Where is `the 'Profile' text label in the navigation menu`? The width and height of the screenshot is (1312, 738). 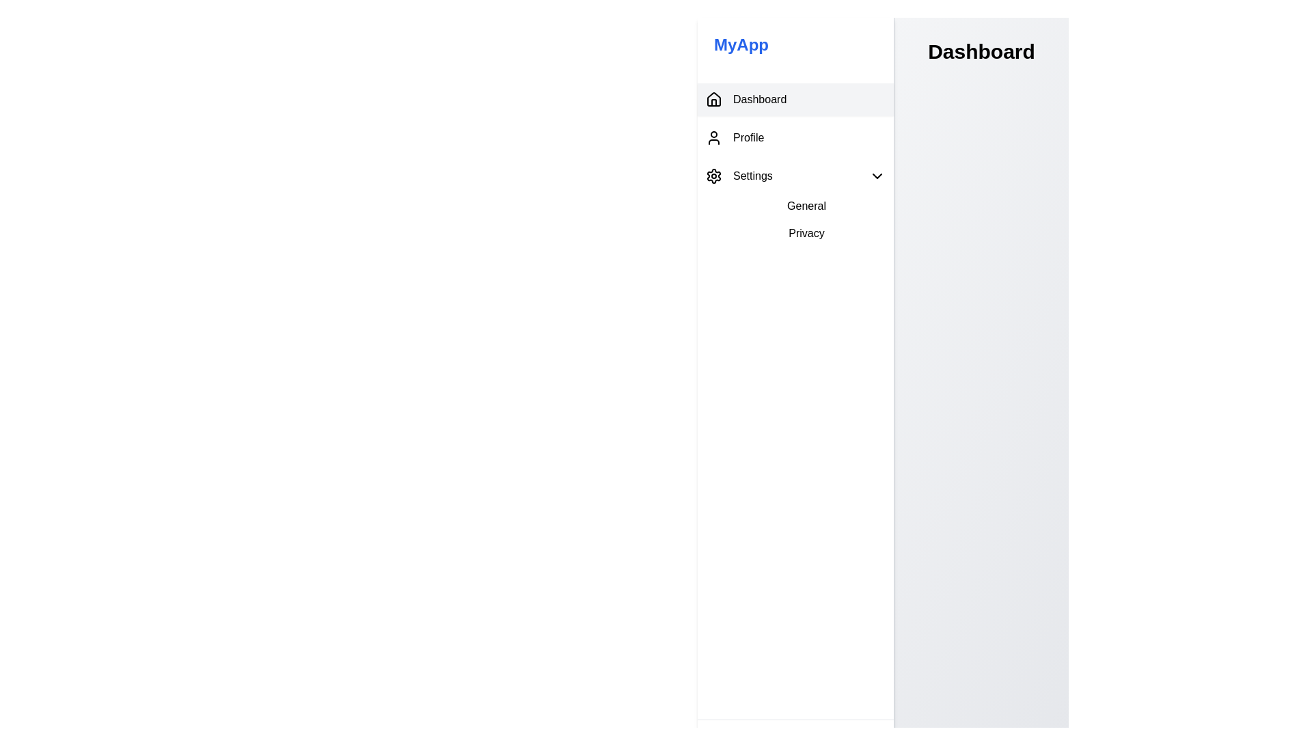
the 'Profile' text label in the navigation menu is located at coordinates (748, 137).